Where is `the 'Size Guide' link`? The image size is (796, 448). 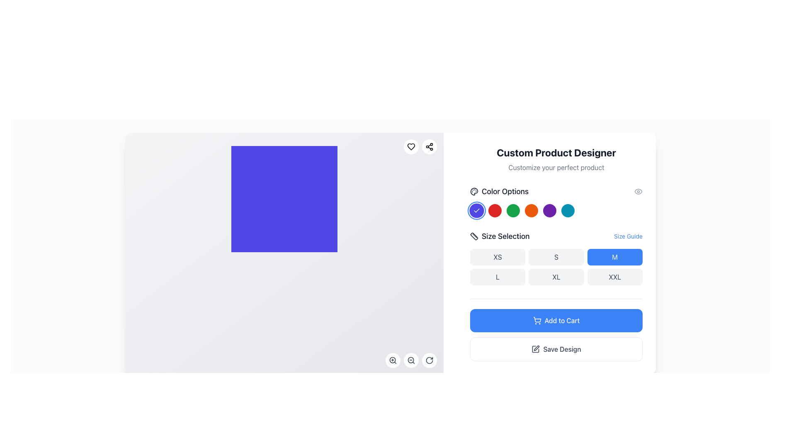 the 'Size Guide' link is located at coordinates (628, 236).